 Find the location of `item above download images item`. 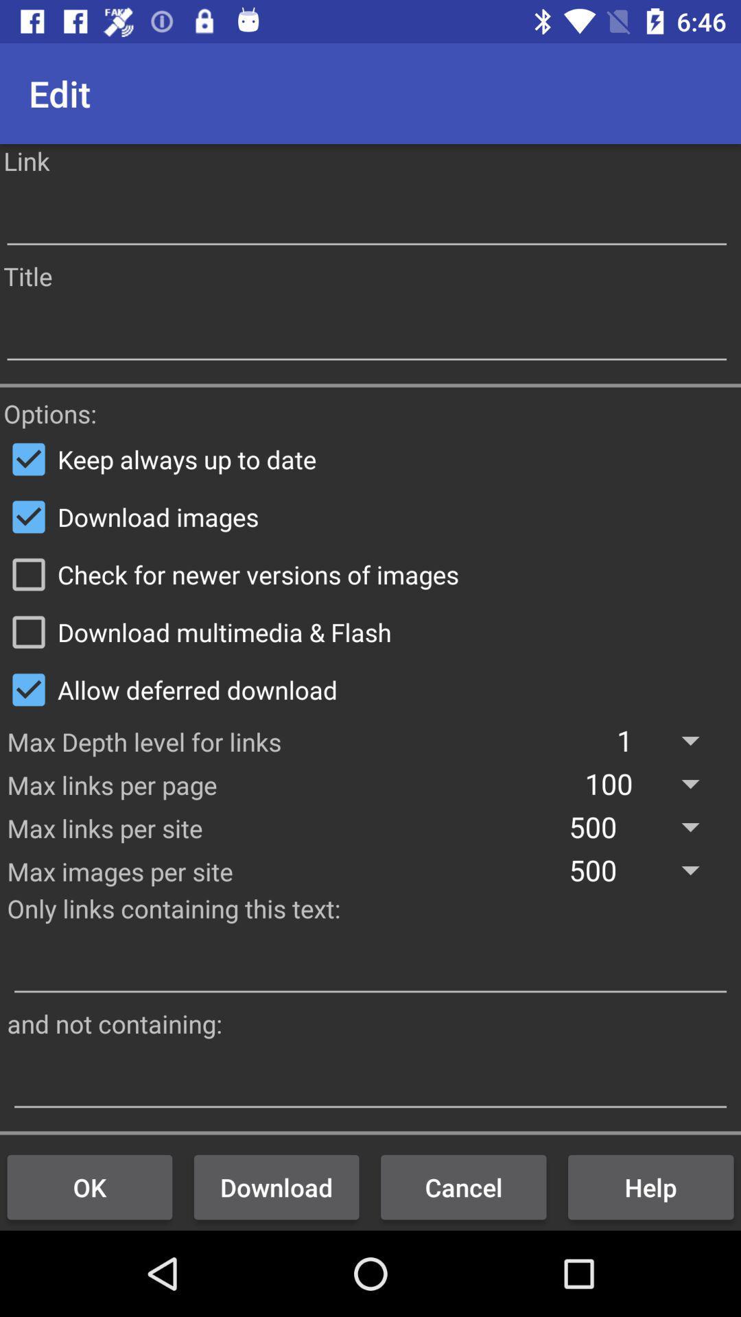

item above download images item is located at coordinates (370, 459).